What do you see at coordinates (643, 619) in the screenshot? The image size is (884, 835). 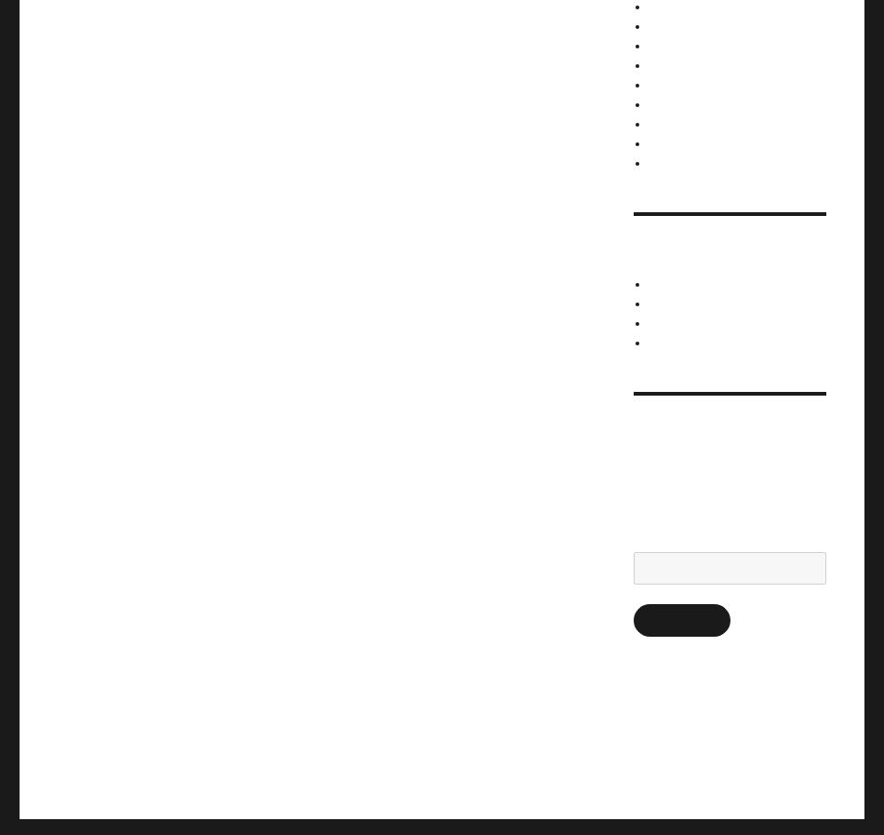 I see `'Subscribe'` at bounding box center [643, 619].